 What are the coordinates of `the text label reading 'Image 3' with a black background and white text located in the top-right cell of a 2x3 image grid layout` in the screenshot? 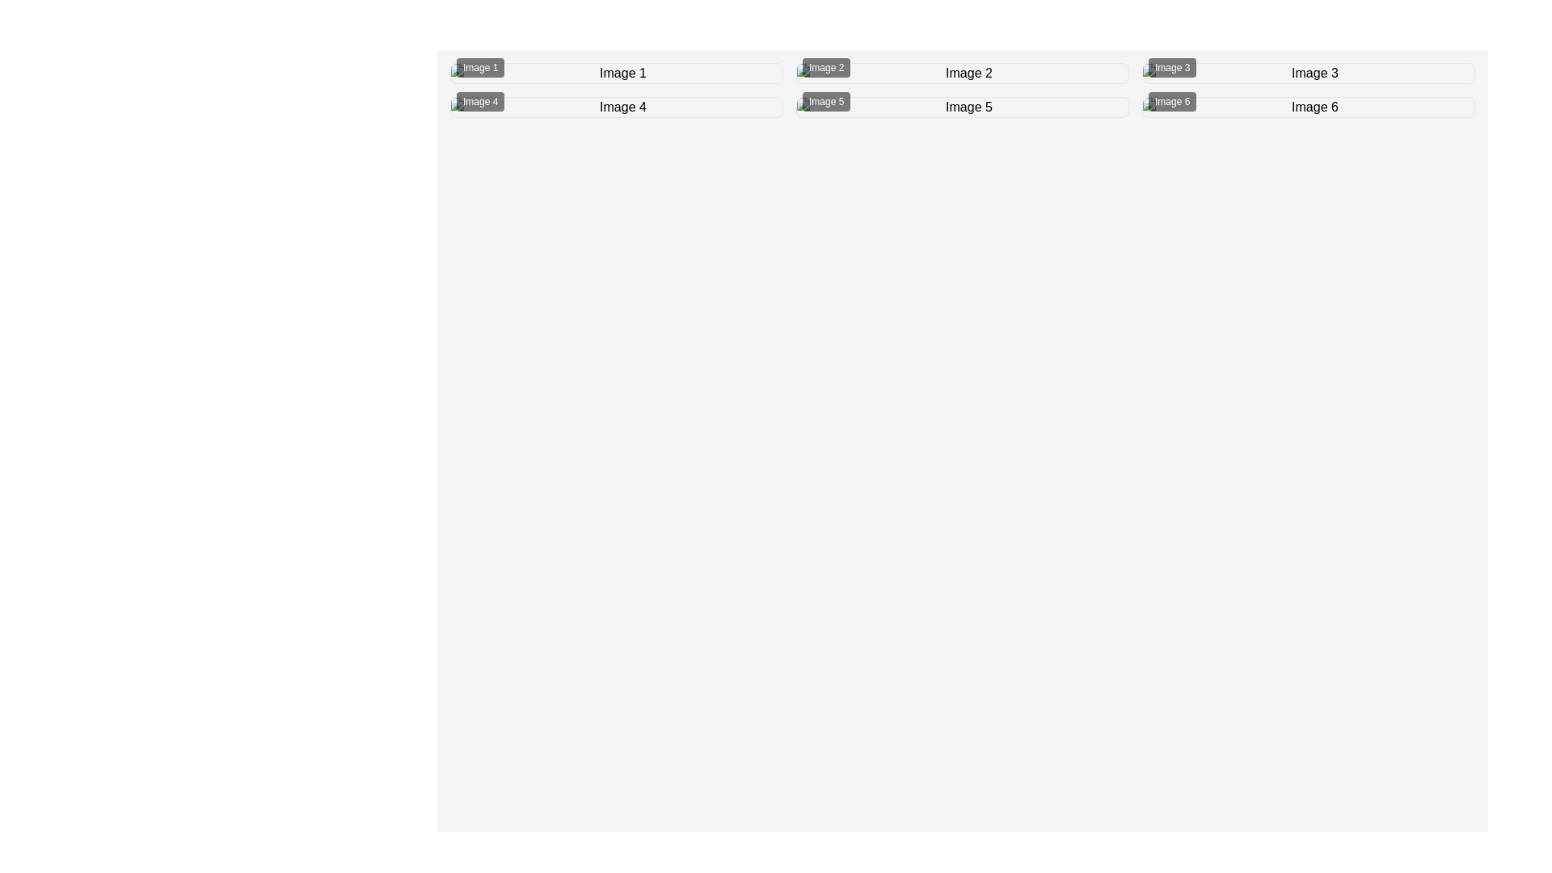 It's located at (1172, 67).